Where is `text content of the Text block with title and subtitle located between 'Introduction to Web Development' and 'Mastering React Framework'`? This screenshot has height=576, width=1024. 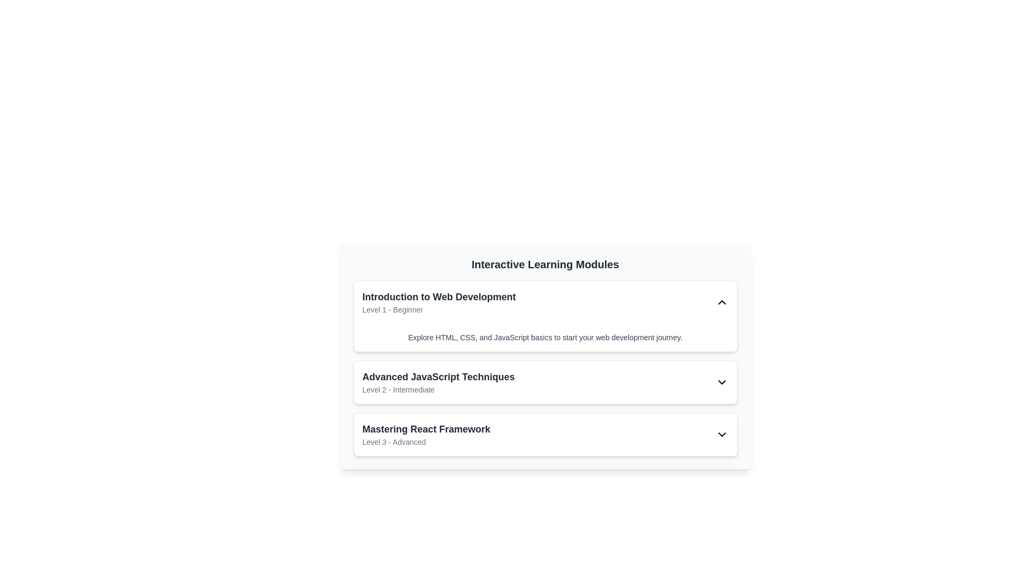 text content of the Text block with title and subtitle located between 'Introduction to Web Development' and 'Mastering React Framework' is located at coordinates (438, 382).